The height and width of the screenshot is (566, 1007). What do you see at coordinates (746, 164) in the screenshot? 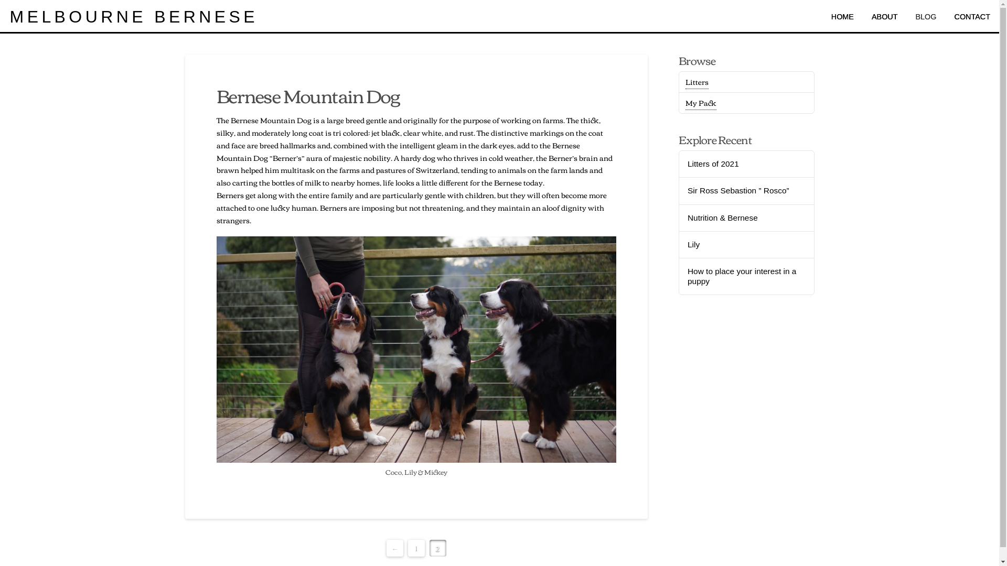
I see `'Litters of 2021'` at bounding box center [746, 164].